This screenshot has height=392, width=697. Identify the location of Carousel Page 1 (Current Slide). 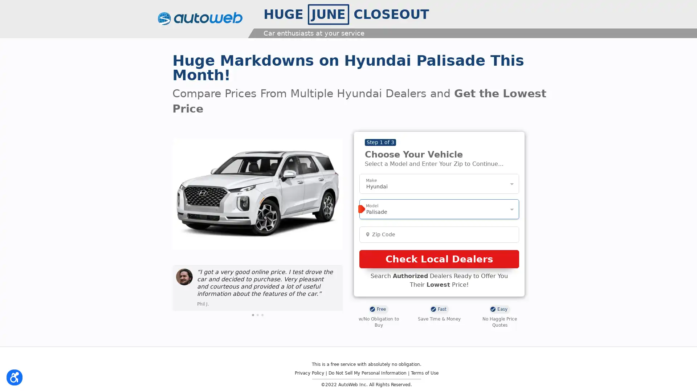
(253, 314).